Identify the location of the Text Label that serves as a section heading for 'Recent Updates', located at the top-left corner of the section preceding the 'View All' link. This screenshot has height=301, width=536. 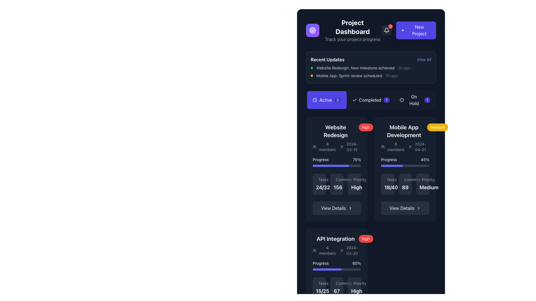
(327, 59).